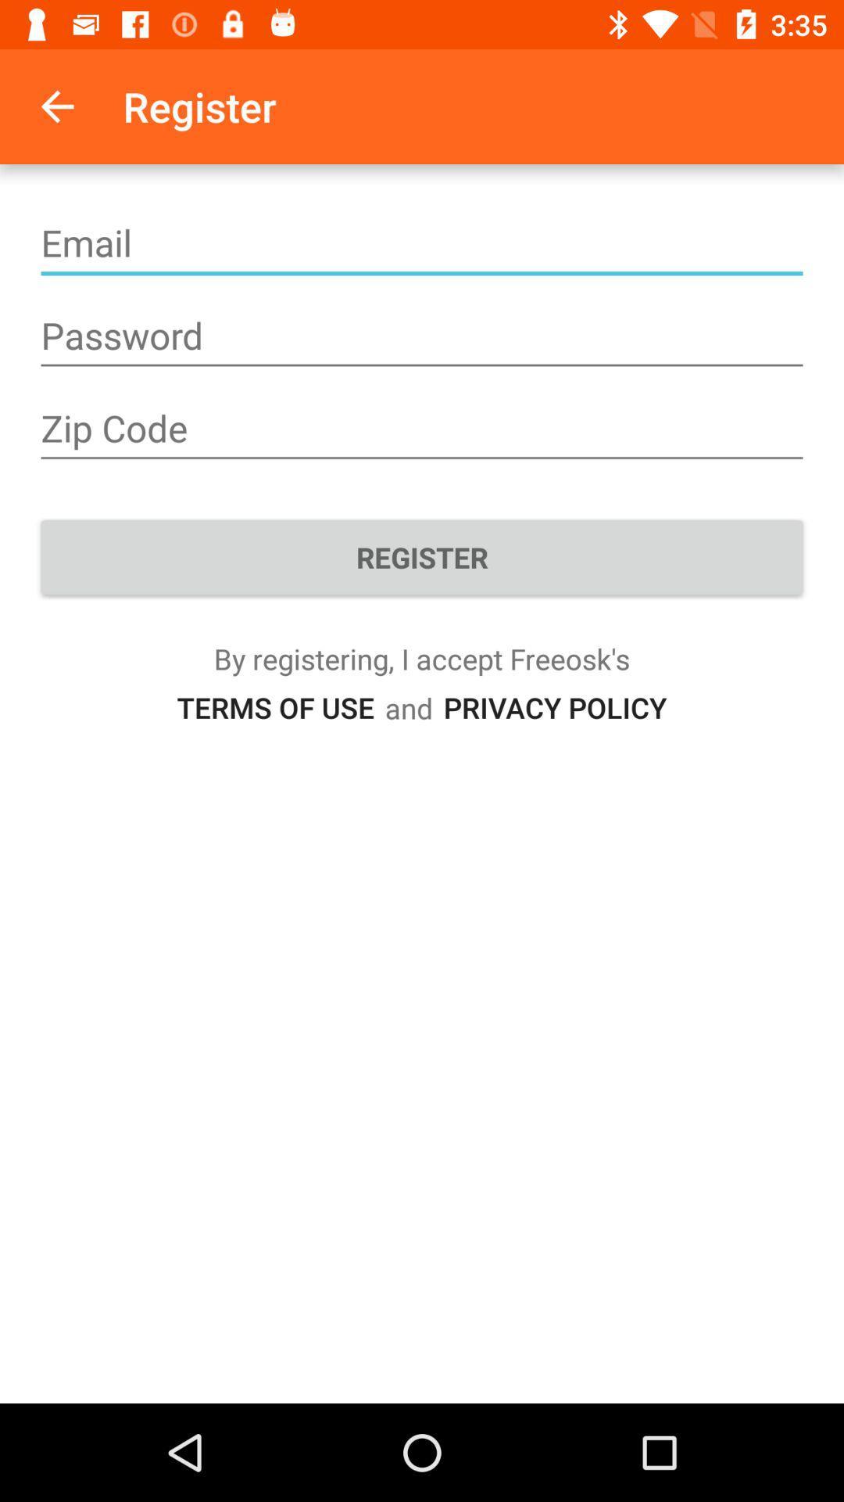  What do you see at coordinates (274, 706) in the screenshot?
I see `terms of use item` at bounding box center [274, 706].